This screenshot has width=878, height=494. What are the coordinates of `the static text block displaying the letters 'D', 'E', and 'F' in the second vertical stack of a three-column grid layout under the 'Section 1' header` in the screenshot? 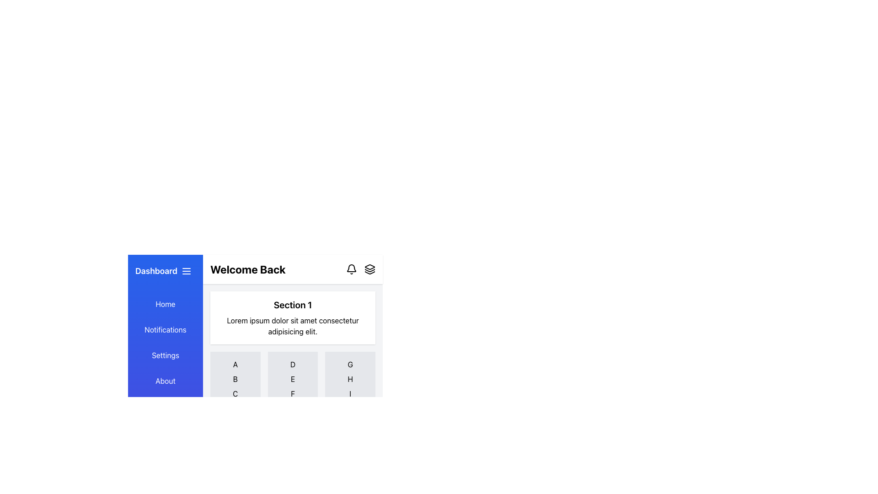 It's located at (293, 381).